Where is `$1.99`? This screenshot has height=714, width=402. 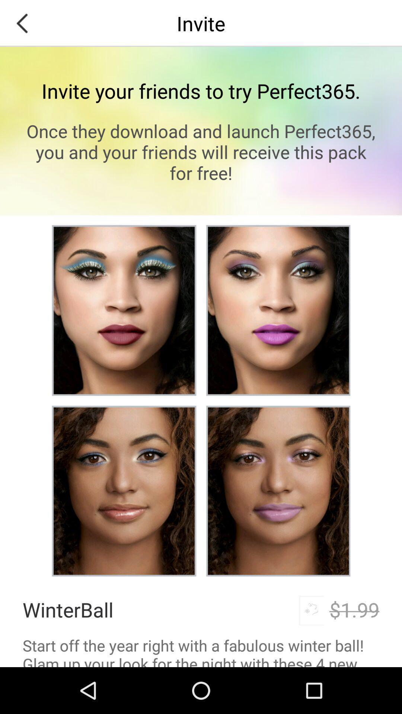 $1.99 is located at coordinates (354, 610).